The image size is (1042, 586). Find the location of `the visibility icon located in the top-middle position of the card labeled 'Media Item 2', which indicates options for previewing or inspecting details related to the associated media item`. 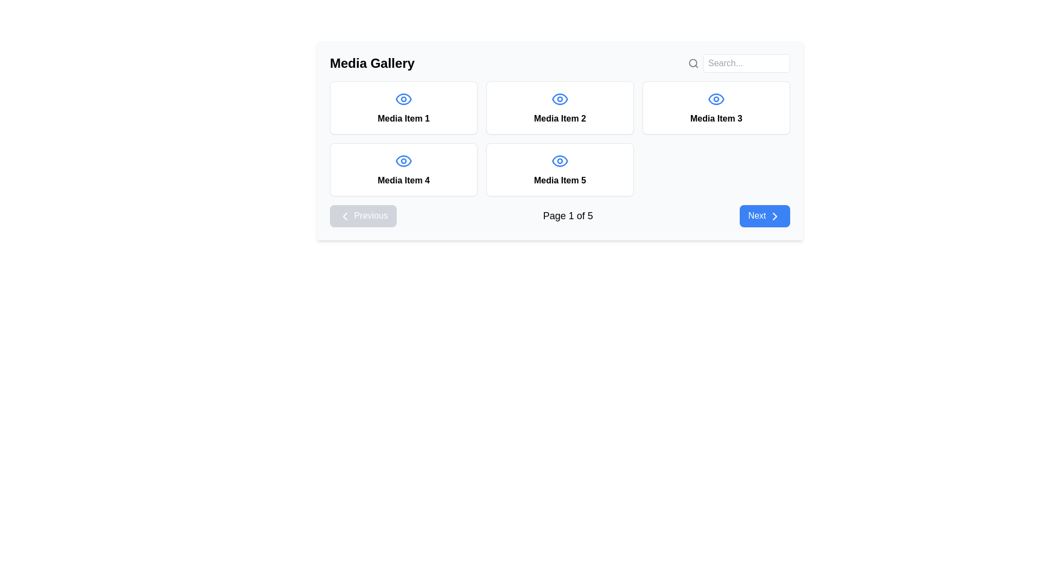

the visibility icon located in the top-middle position of the card labeled 'Media Item 2', which indicates options for previewing or inspecting details related to the associated media item is located at coordinates (560, 99).